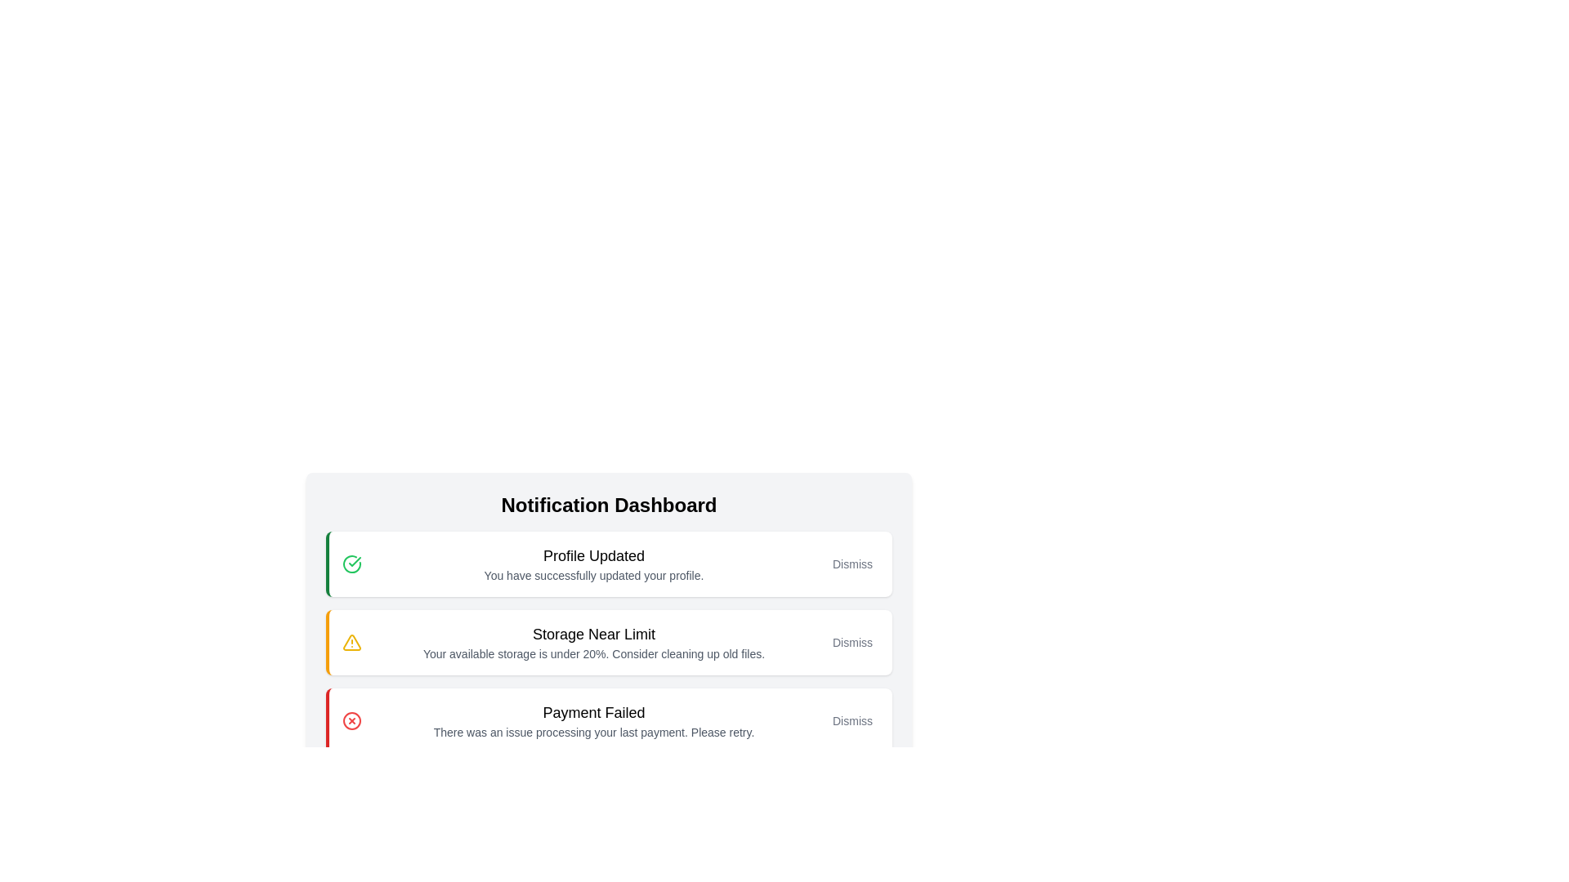 This screenshot has width=1569, height=882. I want to click on the 'Profile Updated' text label element, which is displayed in a larger and bold font style within the notification card indicating a successful profile update, so click(592, 555).